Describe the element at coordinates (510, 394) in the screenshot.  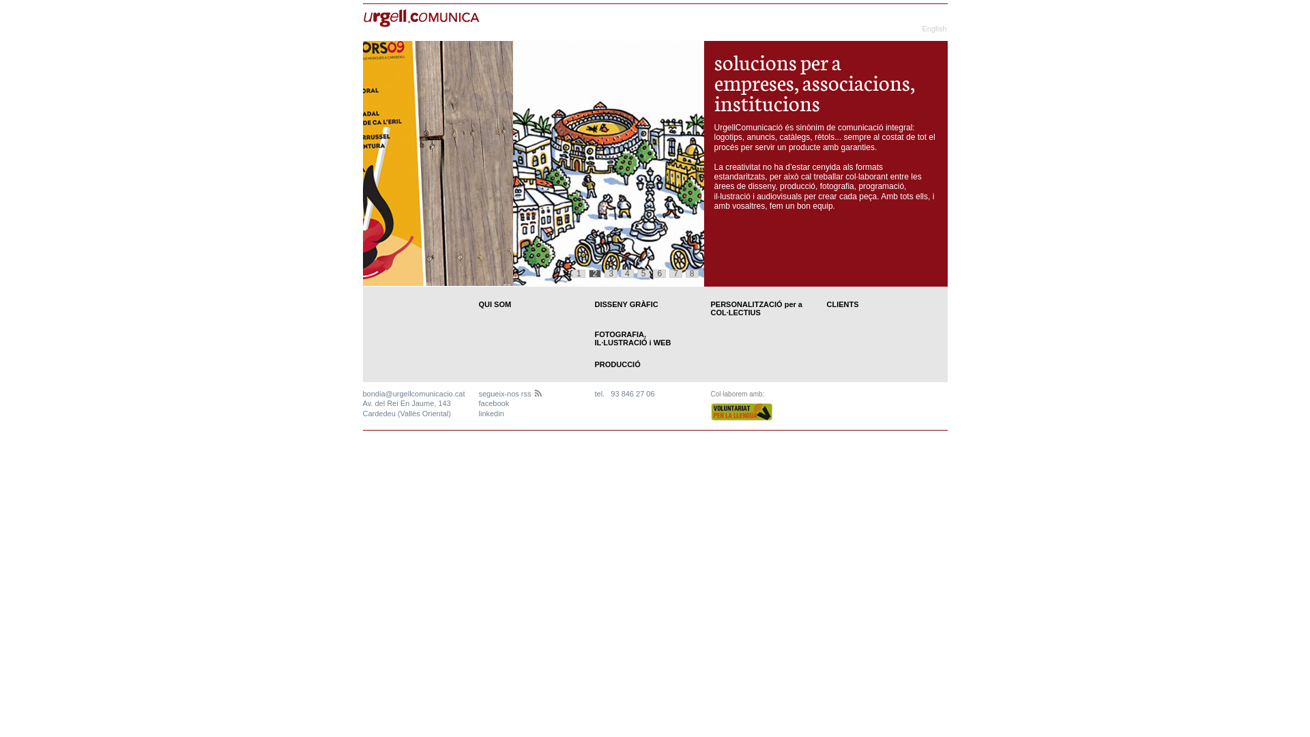
I see `'segueix-nos rss'` at that location.